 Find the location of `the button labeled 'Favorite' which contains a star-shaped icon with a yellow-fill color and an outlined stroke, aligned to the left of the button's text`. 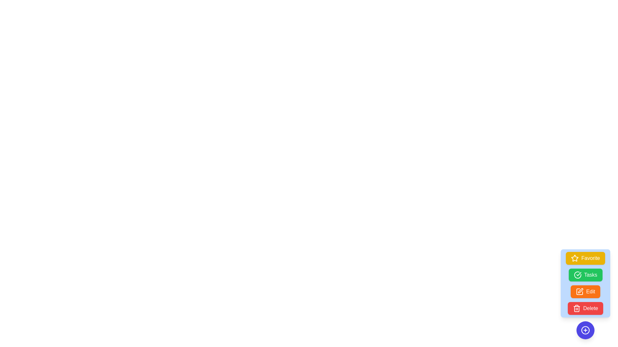

the button labeled 'Favorite' which contains a star-shaped icon with a yellow-fill color and an outlined stroke, aligned to the left of the button's text is located at coordinates (575, 258).